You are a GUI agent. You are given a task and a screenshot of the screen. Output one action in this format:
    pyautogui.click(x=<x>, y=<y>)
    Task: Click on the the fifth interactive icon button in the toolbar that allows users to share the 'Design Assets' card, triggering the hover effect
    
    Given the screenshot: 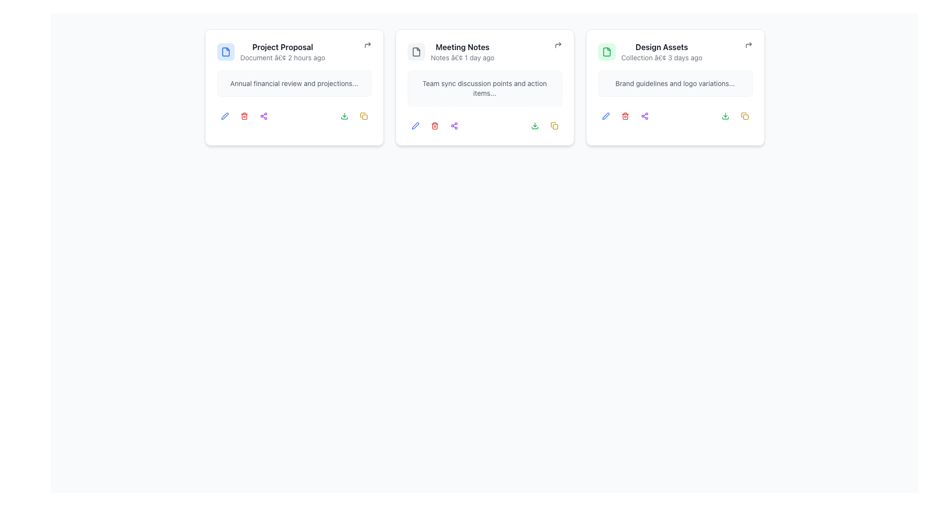 What is the action you would take?
    pyautogui.click(x=644, y=116)
    